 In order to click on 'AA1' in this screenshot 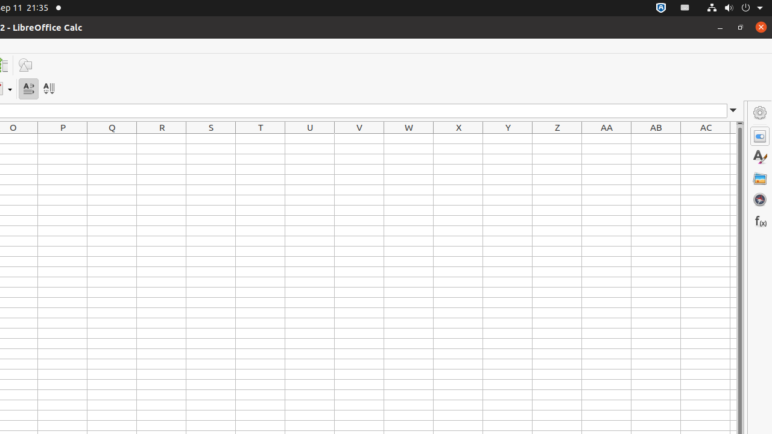, I will do `click(606, 138)`.